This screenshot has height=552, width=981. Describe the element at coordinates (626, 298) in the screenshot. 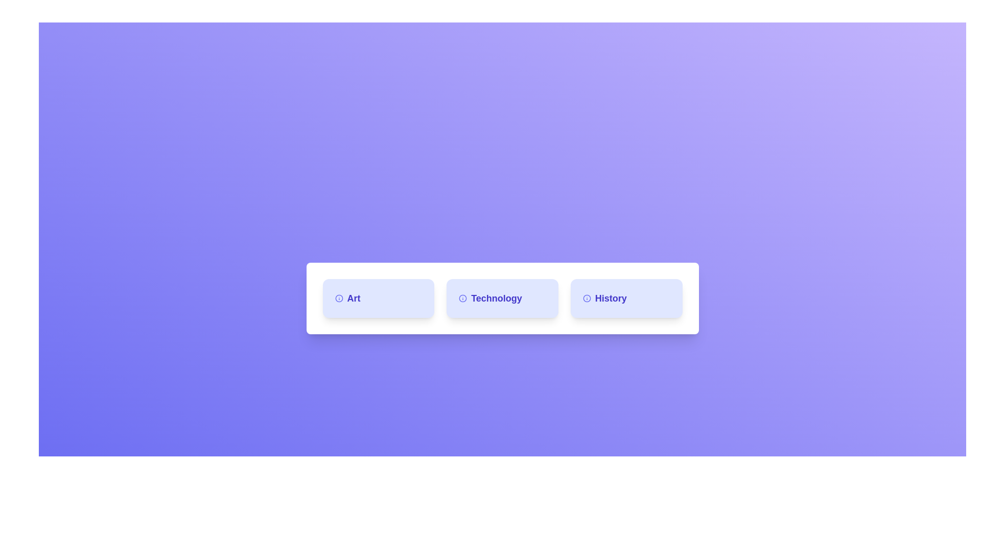

I see `the 'History' button, which is the third option in a horizontal group of three buttons ('Art', 'Technology', 'History')` at that location.